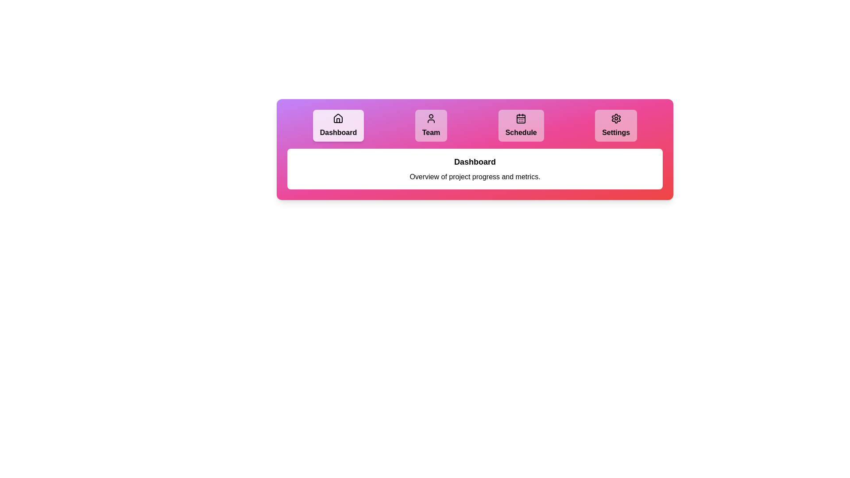  I want to click on the tab labeled Schedule by clicking on it, so click(521, 126).